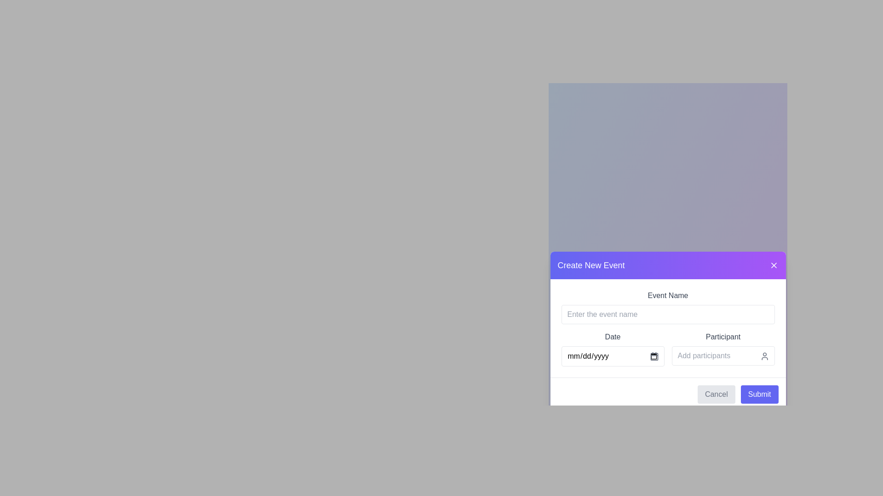 The width and height of the screenshot is (883, 496). Describe the element at coordinates (722, 337) in the screenshot. I see `the gray text label displaying 'Participant' located within the 'Create New Event' modal dialog, positioned below the date field and above the 'Add participants' input` at that location.